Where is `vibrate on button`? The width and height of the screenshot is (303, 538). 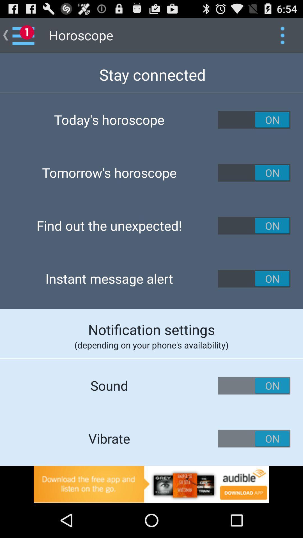
vibrate on button is located at coordinates (254, 438).